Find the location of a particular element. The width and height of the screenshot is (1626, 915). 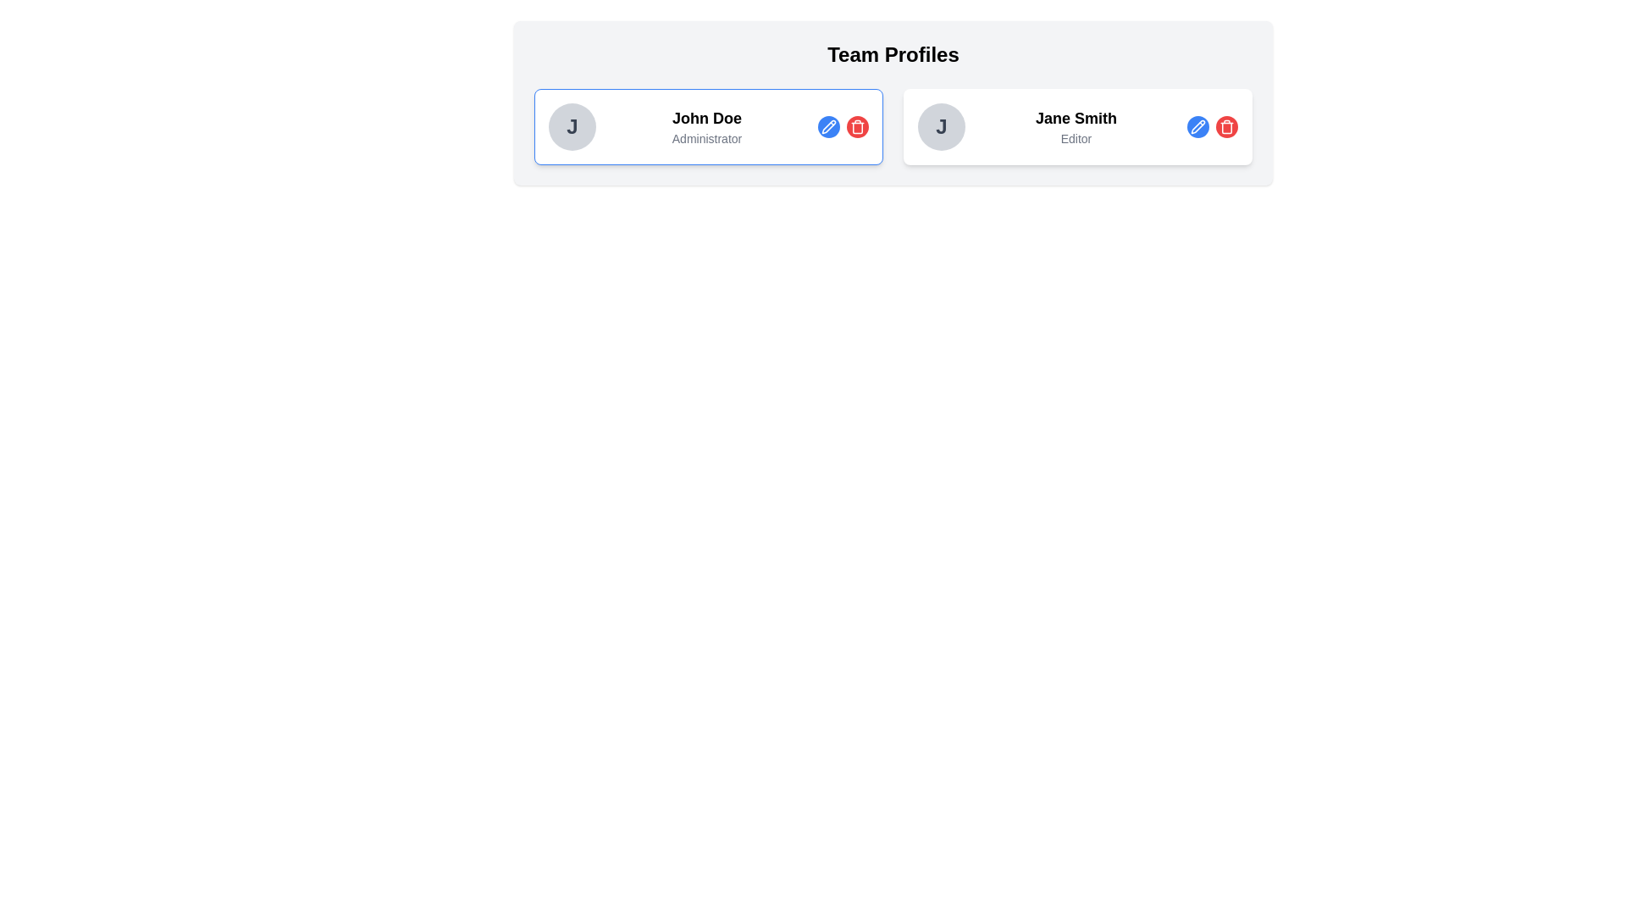

the trash bin icon button within the second profile card for user 'Jane Smith - Editor' is located at coordinates (1227, 126).